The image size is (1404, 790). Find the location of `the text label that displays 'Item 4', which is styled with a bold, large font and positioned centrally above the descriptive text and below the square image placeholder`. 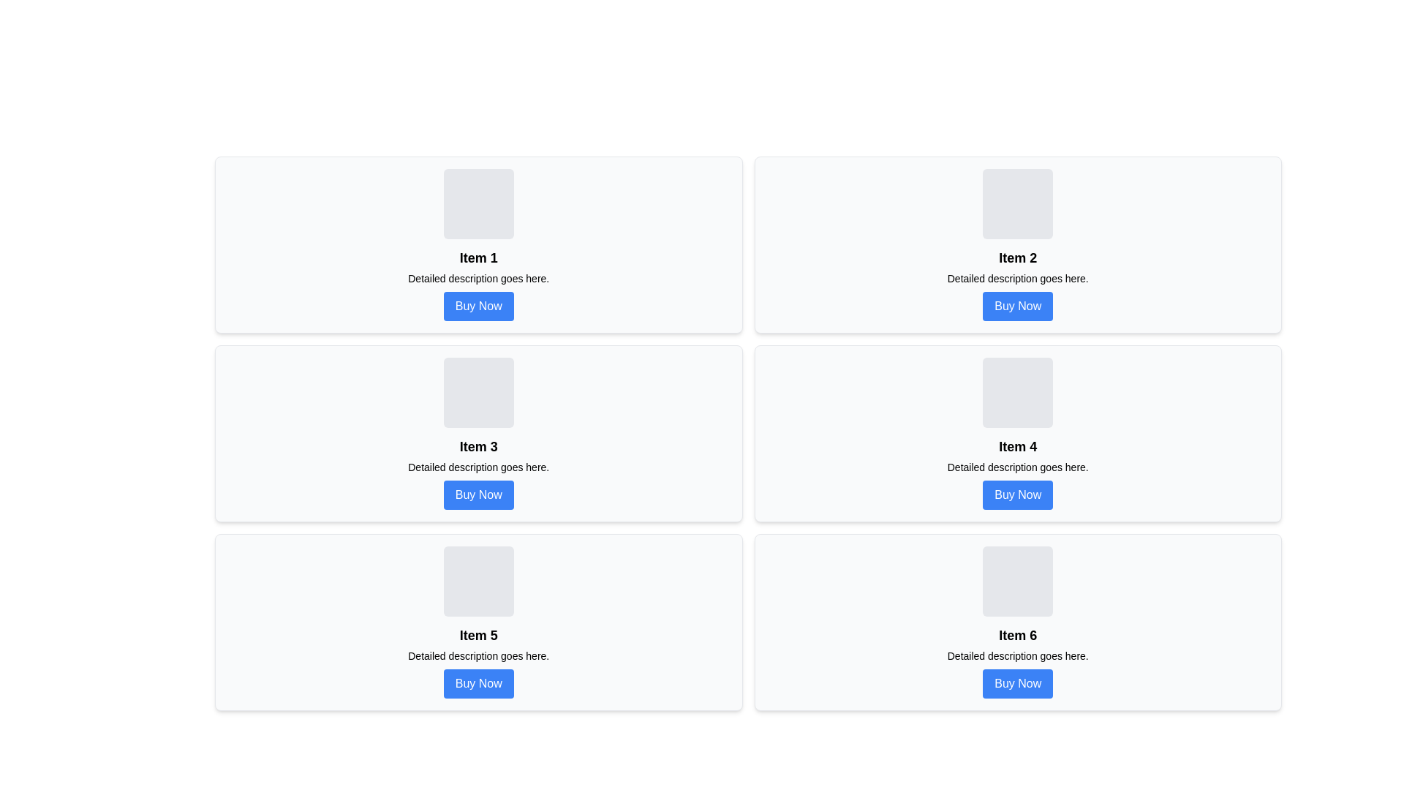

the text label that displays 'Item 4', which is styled with a bold, large font and positioned centrally above the descriptive text and below the square image placeholder is located at coordinates (1017, 445).